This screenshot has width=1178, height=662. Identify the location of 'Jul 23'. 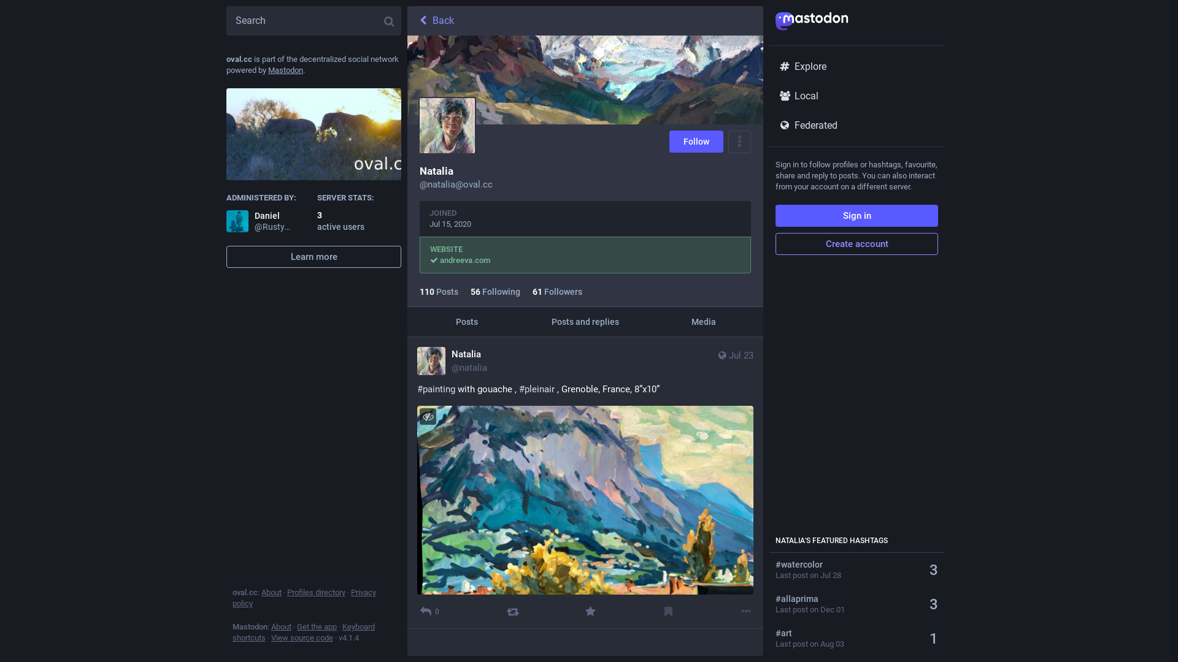
(734, 360).